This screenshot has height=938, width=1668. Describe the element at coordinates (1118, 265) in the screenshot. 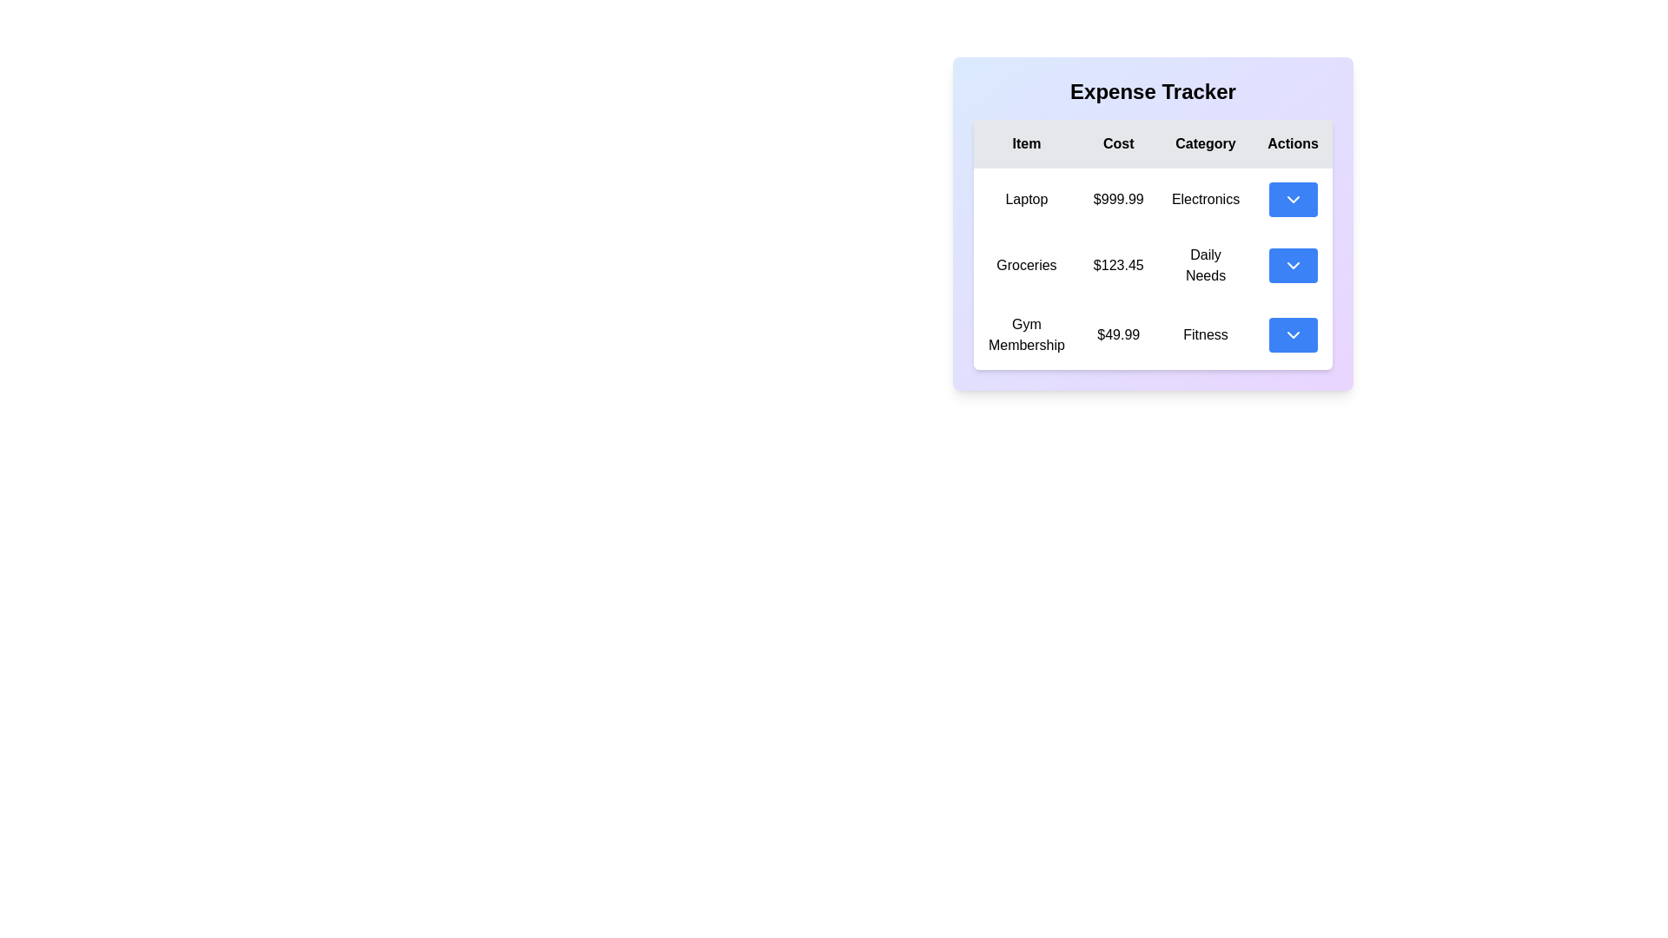

I see `the text label displaying the value '$123.45' in the 'Cost' column of the 'Groceries' row in the table` at that location.